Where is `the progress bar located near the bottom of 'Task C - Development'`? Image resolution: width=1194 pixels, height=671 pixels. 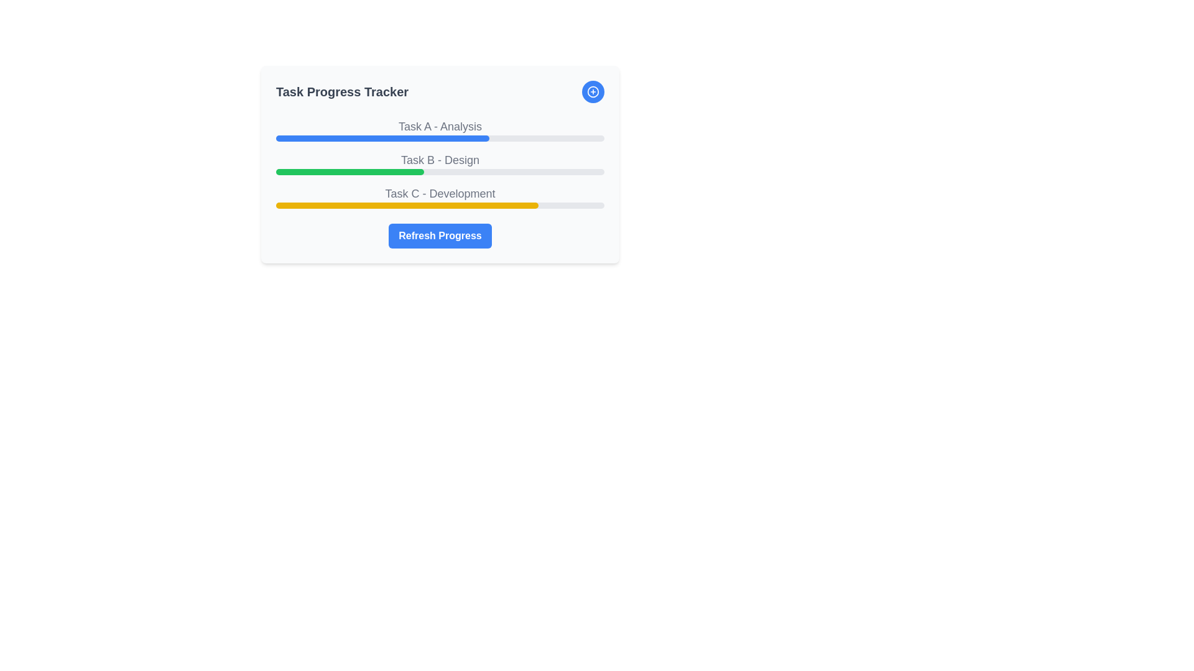
the progress bar located near the bottom of 'Task C - Development' is located at coordinates (440, 205).